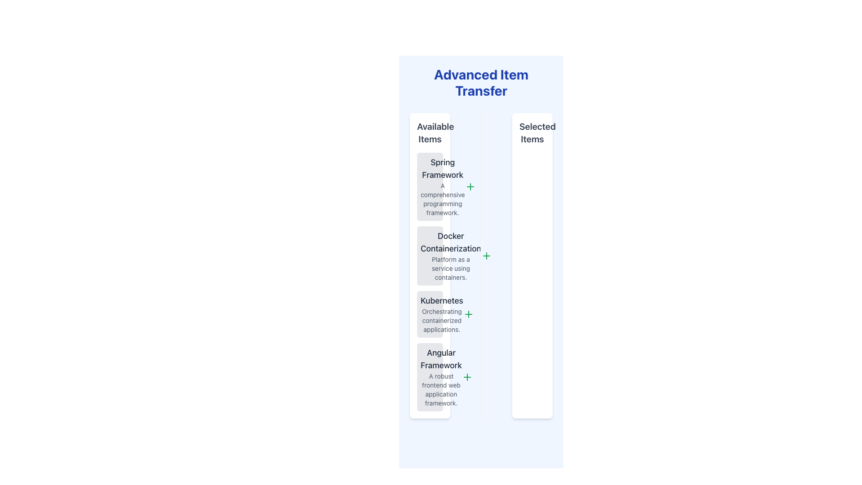 The image size is (862, 485). What do you see at coordinates (451, 242) in the screenshot?
I see `the text element displaying 'Docker Containerization' to interact with its linked functionality` at bounding box center [451, 242].